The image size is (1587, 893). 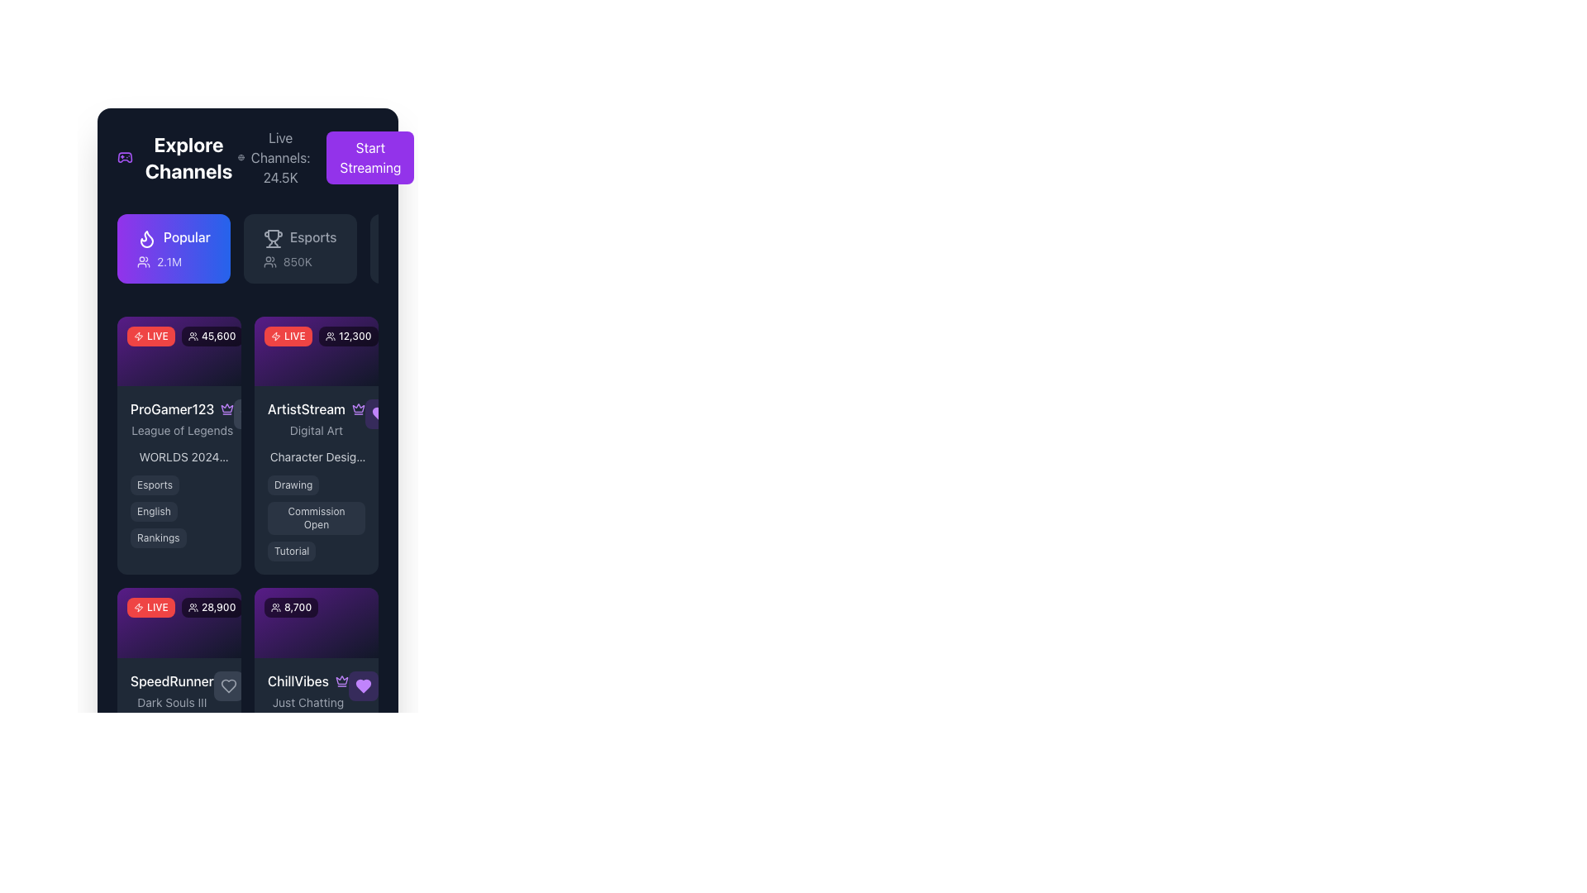 I want to click on the heart-shaped icon in the lower right corner of the 'SpeedRunner Dark Souls III' card to mark it as favorite, so click(x=227, y=685).